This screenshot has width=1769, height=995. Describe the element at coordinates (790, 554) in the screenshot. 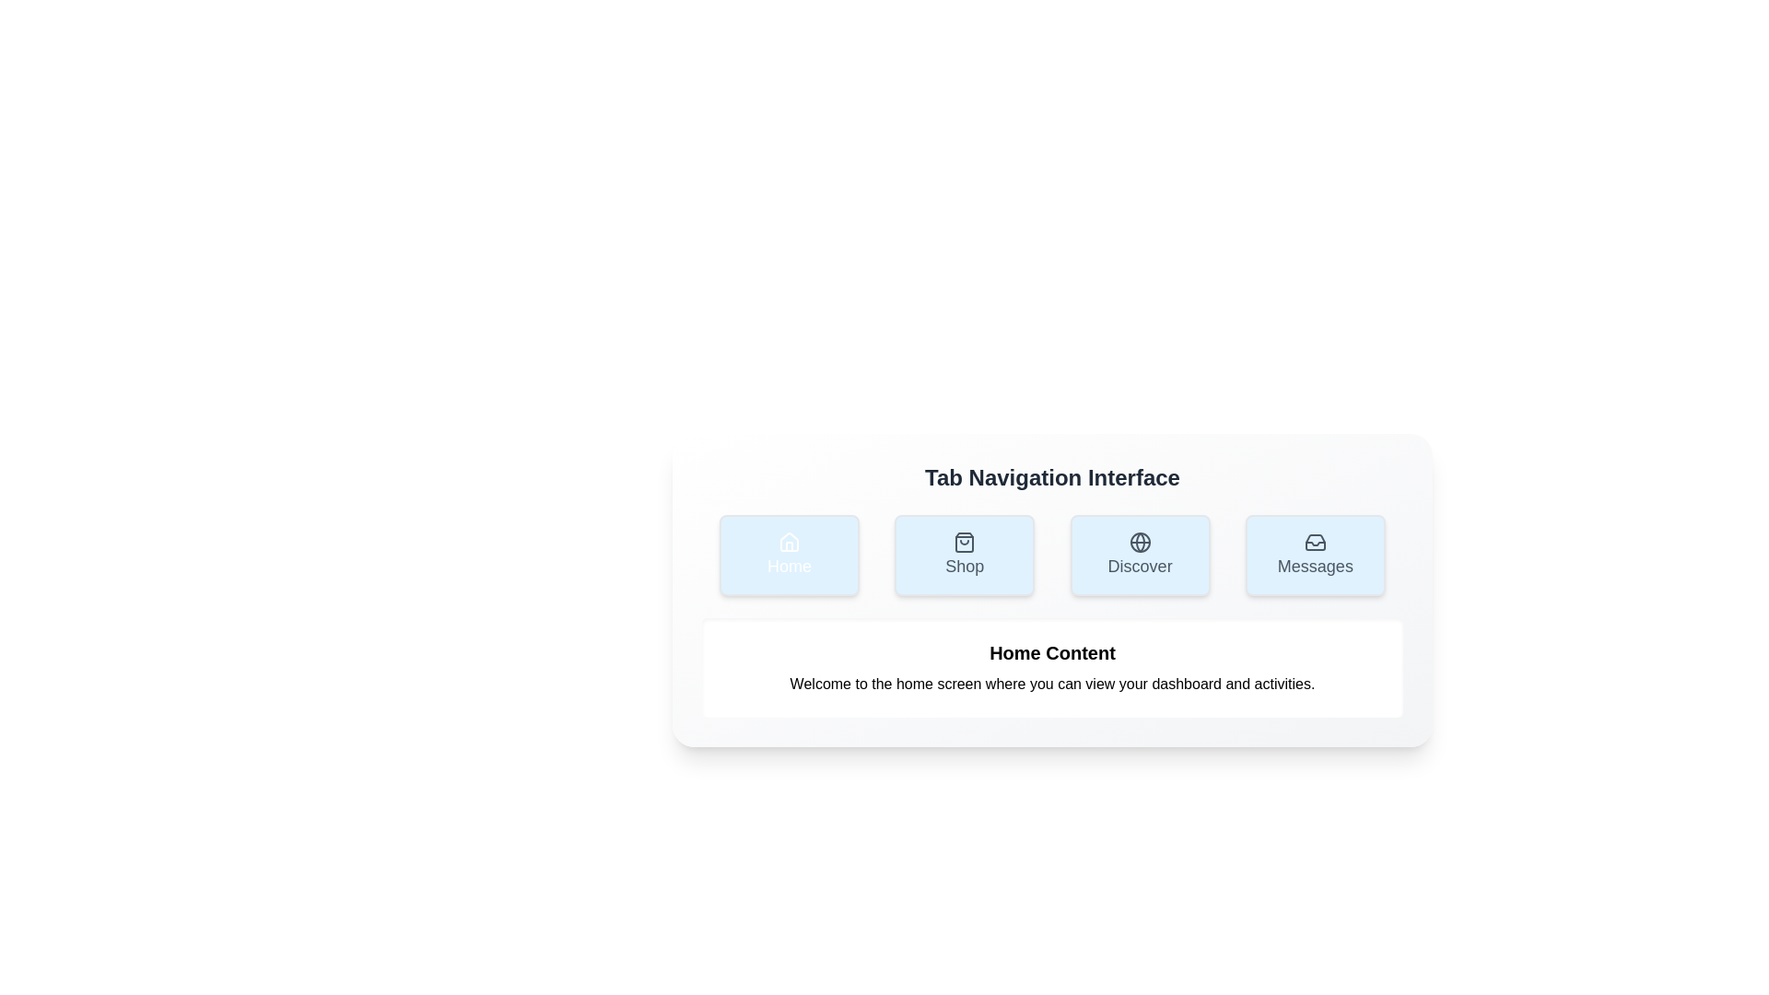

I see `the 'Home' button, which is the first in a row of four buttons including 'Shop,' 'Discover,' and 'Messages,' located at the top-left portion of the button set` at that location.